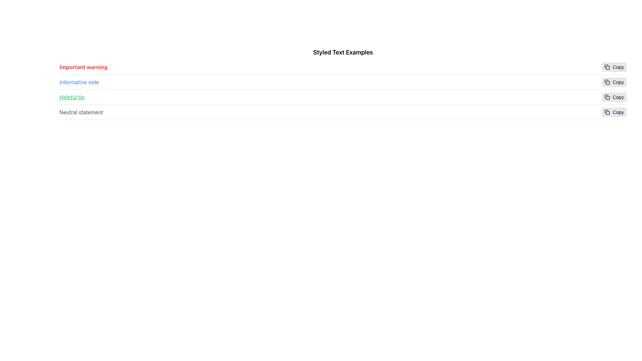 The image size is (642, 361). Describe the element at coordinates (614, 97) in the screenshot. I see `the copy button associated with the 'Helpful tip' text` at that location.